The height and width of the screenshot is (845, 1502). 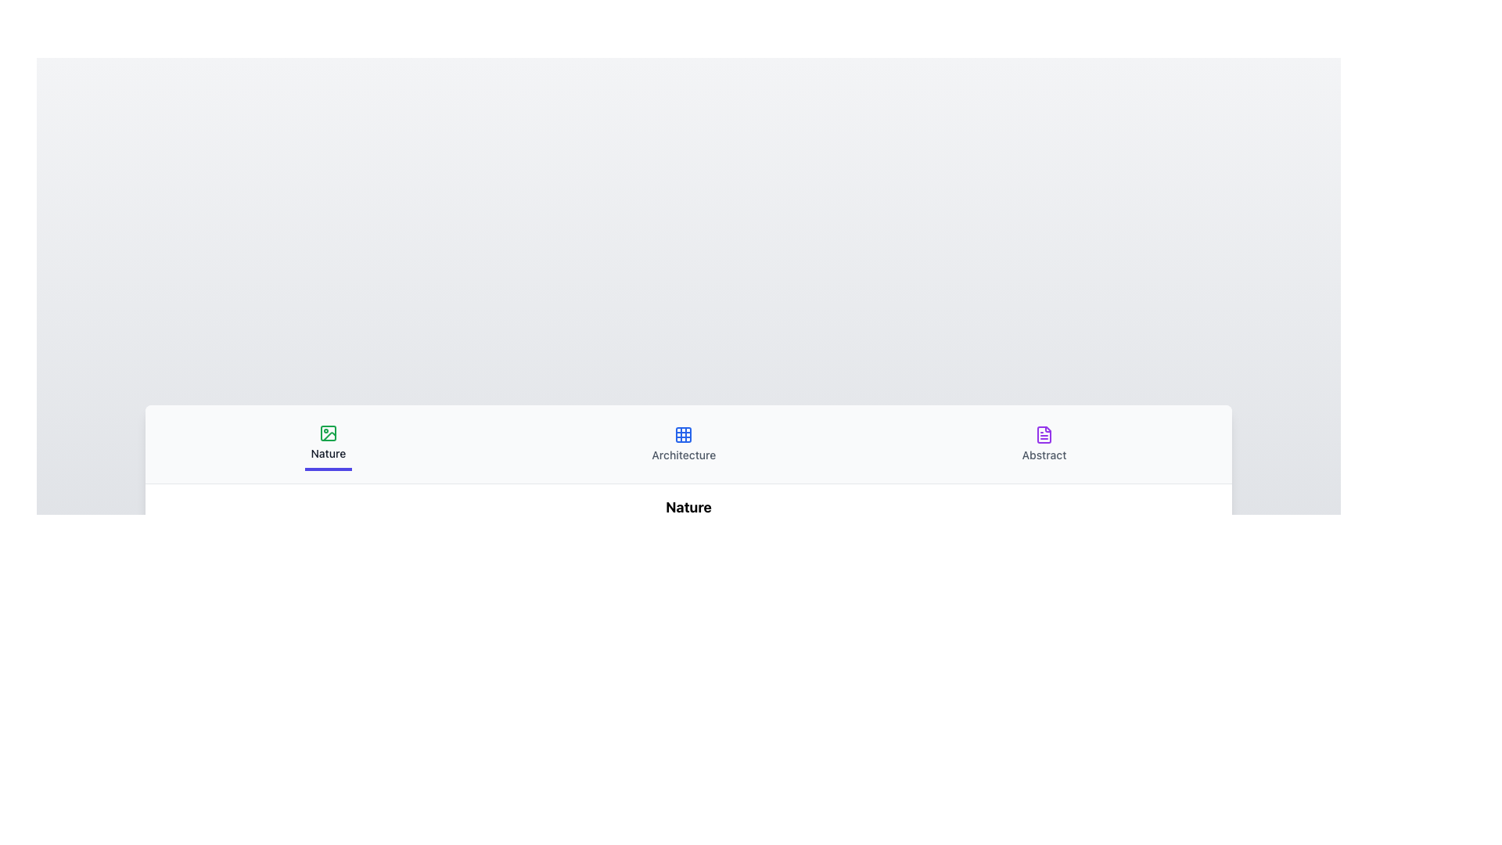 I want to click on the green icon resembling an image with a mountain and sun, located above the 'Nature' text label, so click(x=327, y=433).